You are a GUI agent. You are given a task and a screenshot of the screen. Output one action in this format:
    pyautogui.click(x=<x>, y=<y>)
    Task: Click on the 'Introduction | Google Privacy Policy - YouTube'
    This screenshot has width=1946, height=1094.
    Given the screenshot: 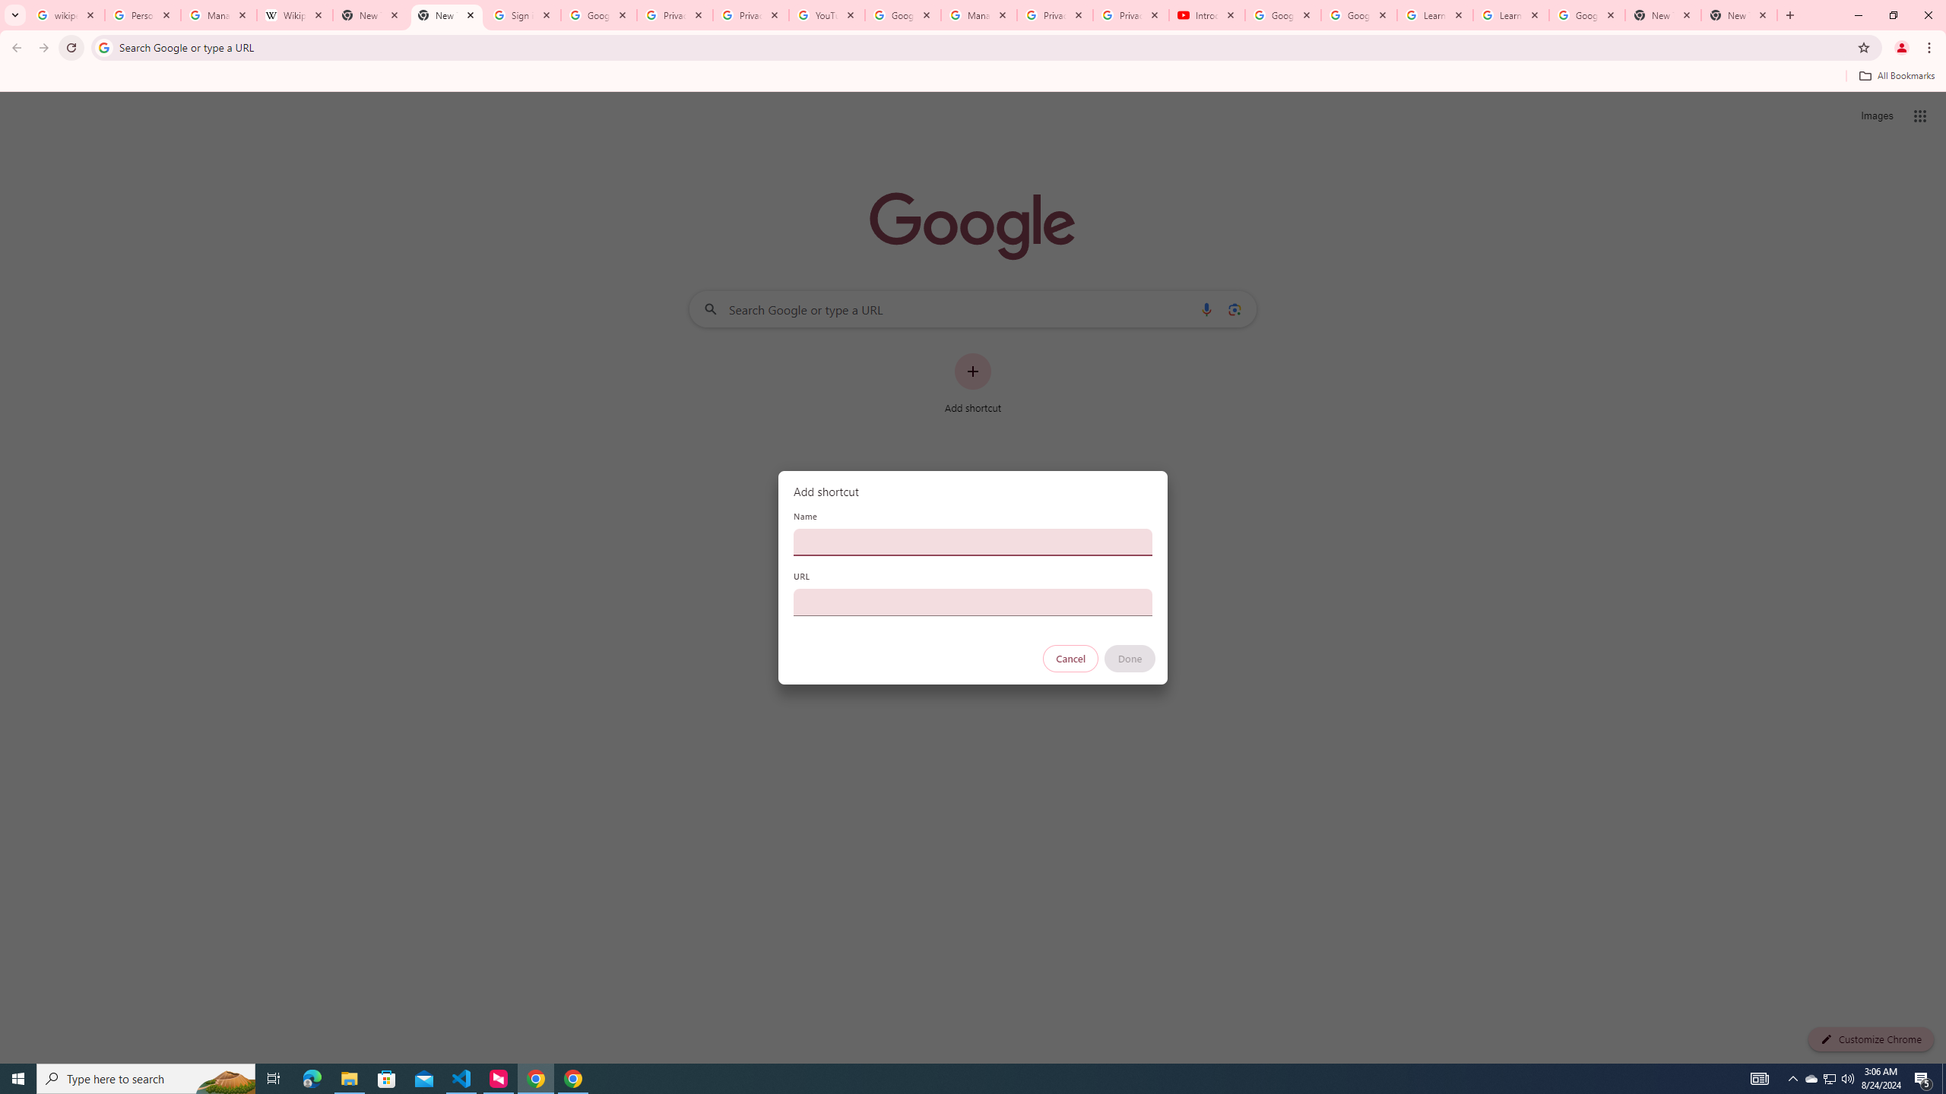 What is the action you would take?
    pyautogui.click(x=1206, y=14)
    